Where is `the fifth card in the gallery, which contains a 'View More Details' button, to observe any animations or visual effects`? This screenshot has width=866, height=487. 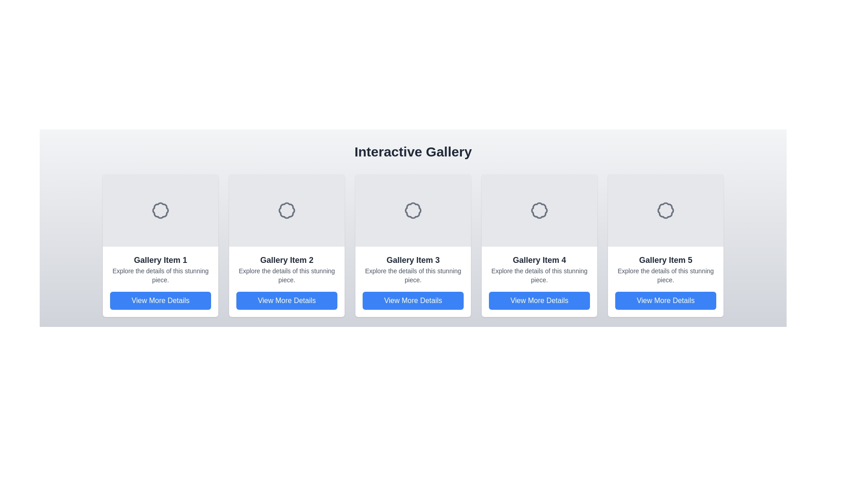 the fifth card in the gallery, which contains a 'View More Details' button, to observe any animations or visual effects is located at coordinates (666, 281).